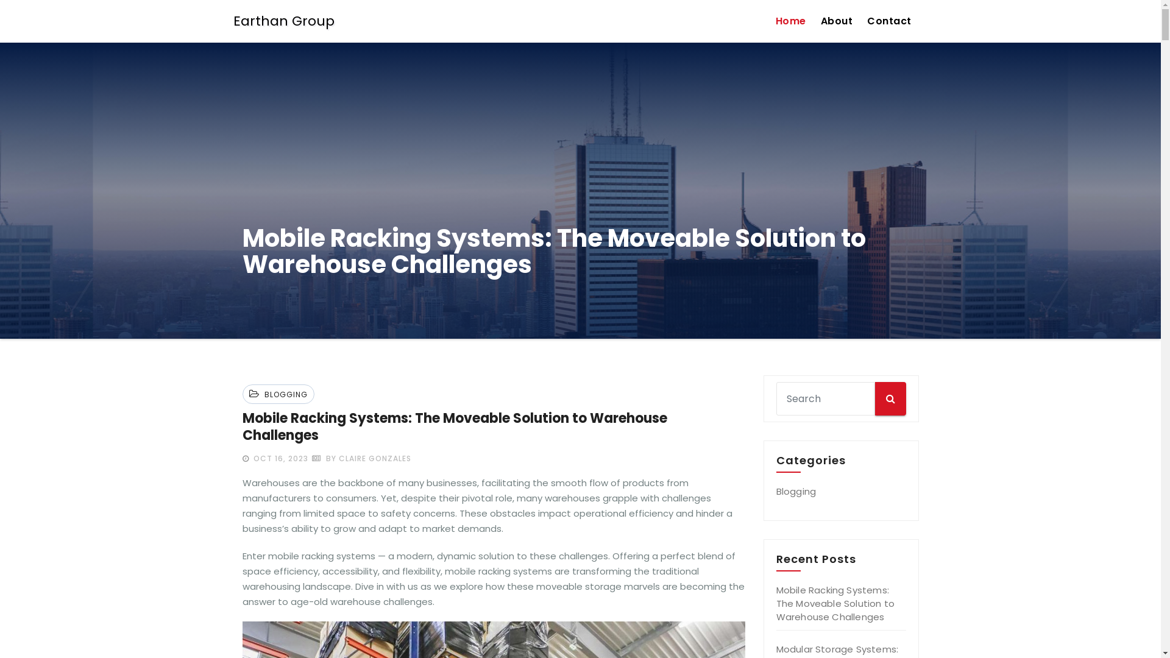  Describe the element at coordinates (889, 21) in the screenshot. I see `'Contact'` at that location.